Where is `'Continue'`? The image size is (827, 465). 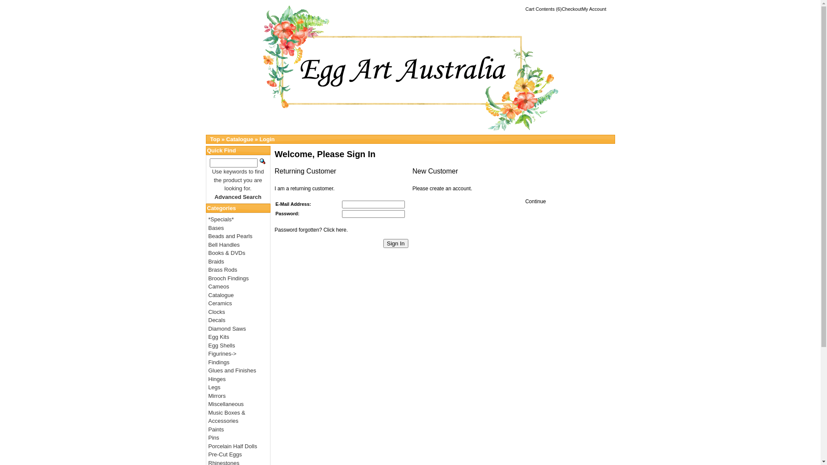
'Continue' is located at coordinates (535, 201).